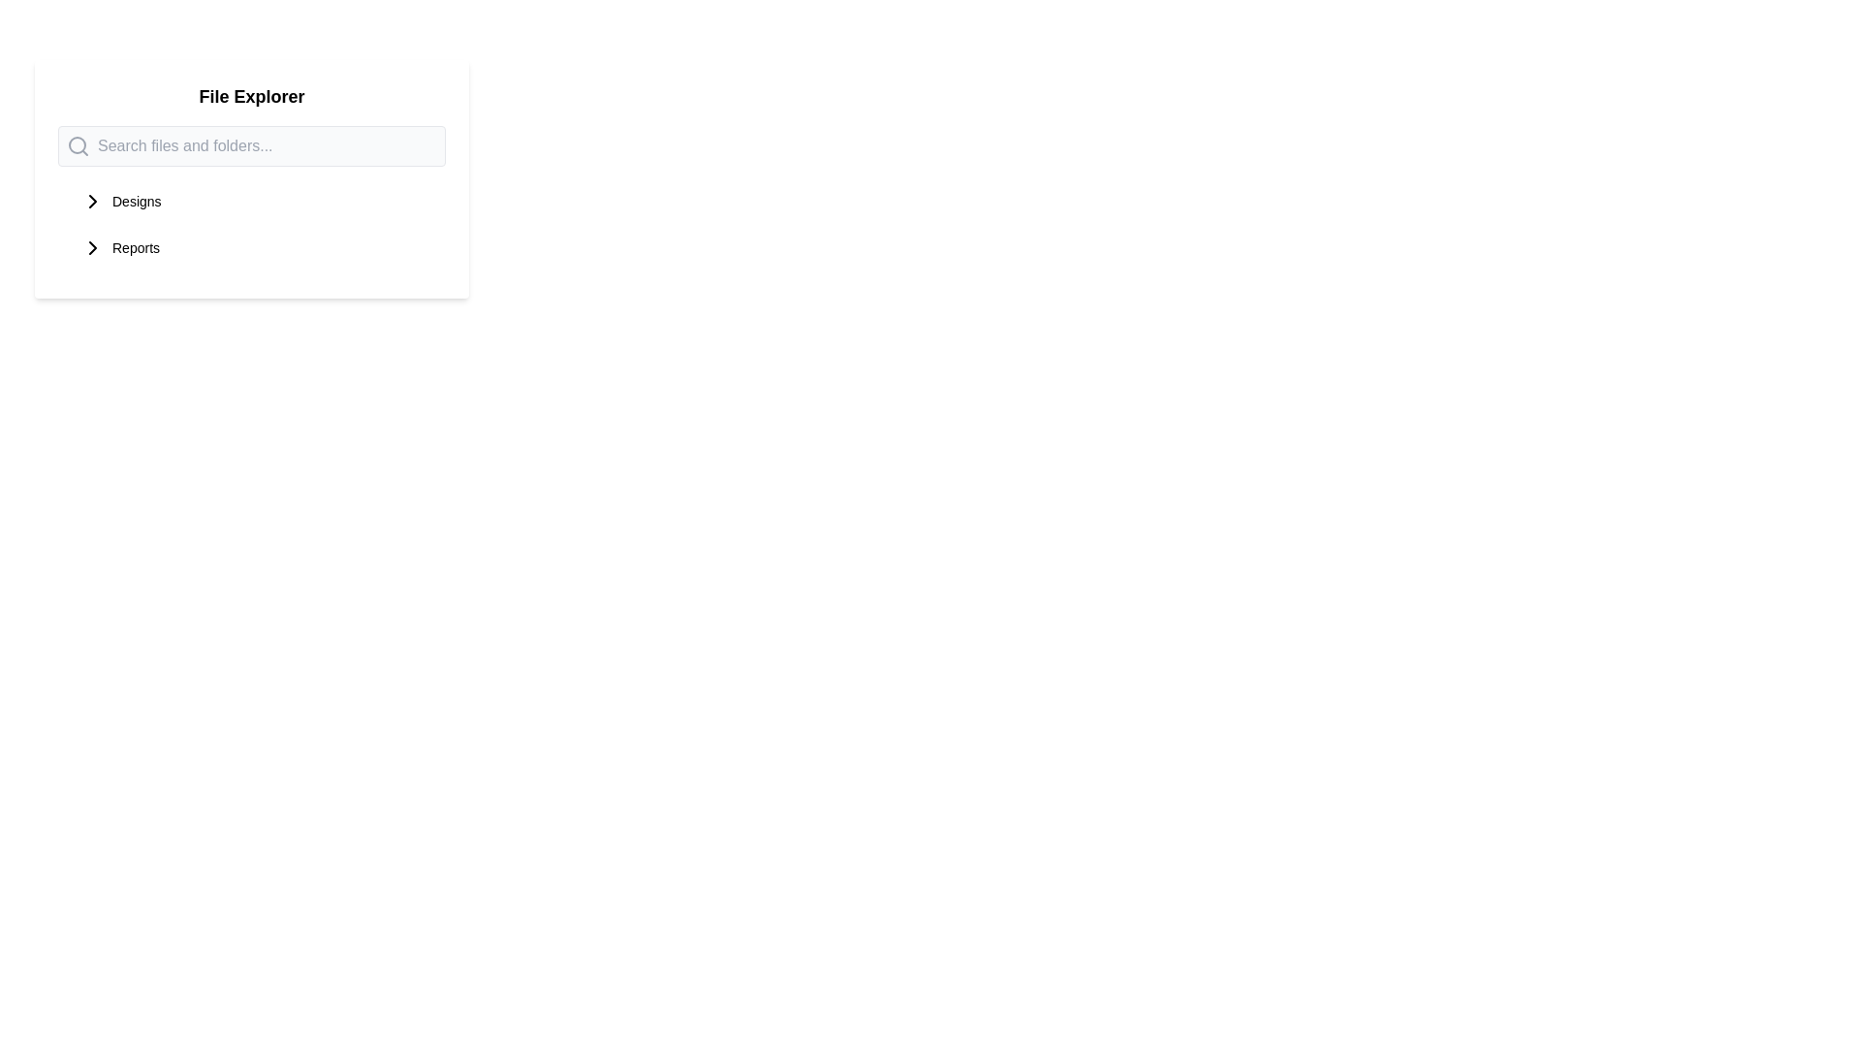  What do you see at coordinates (92, 246) in the screenshot?
I see `the rightward-chevron arrow icon associated with the 'Reports' label in the 'File Explorer' section` at bounding box center [92, 246].